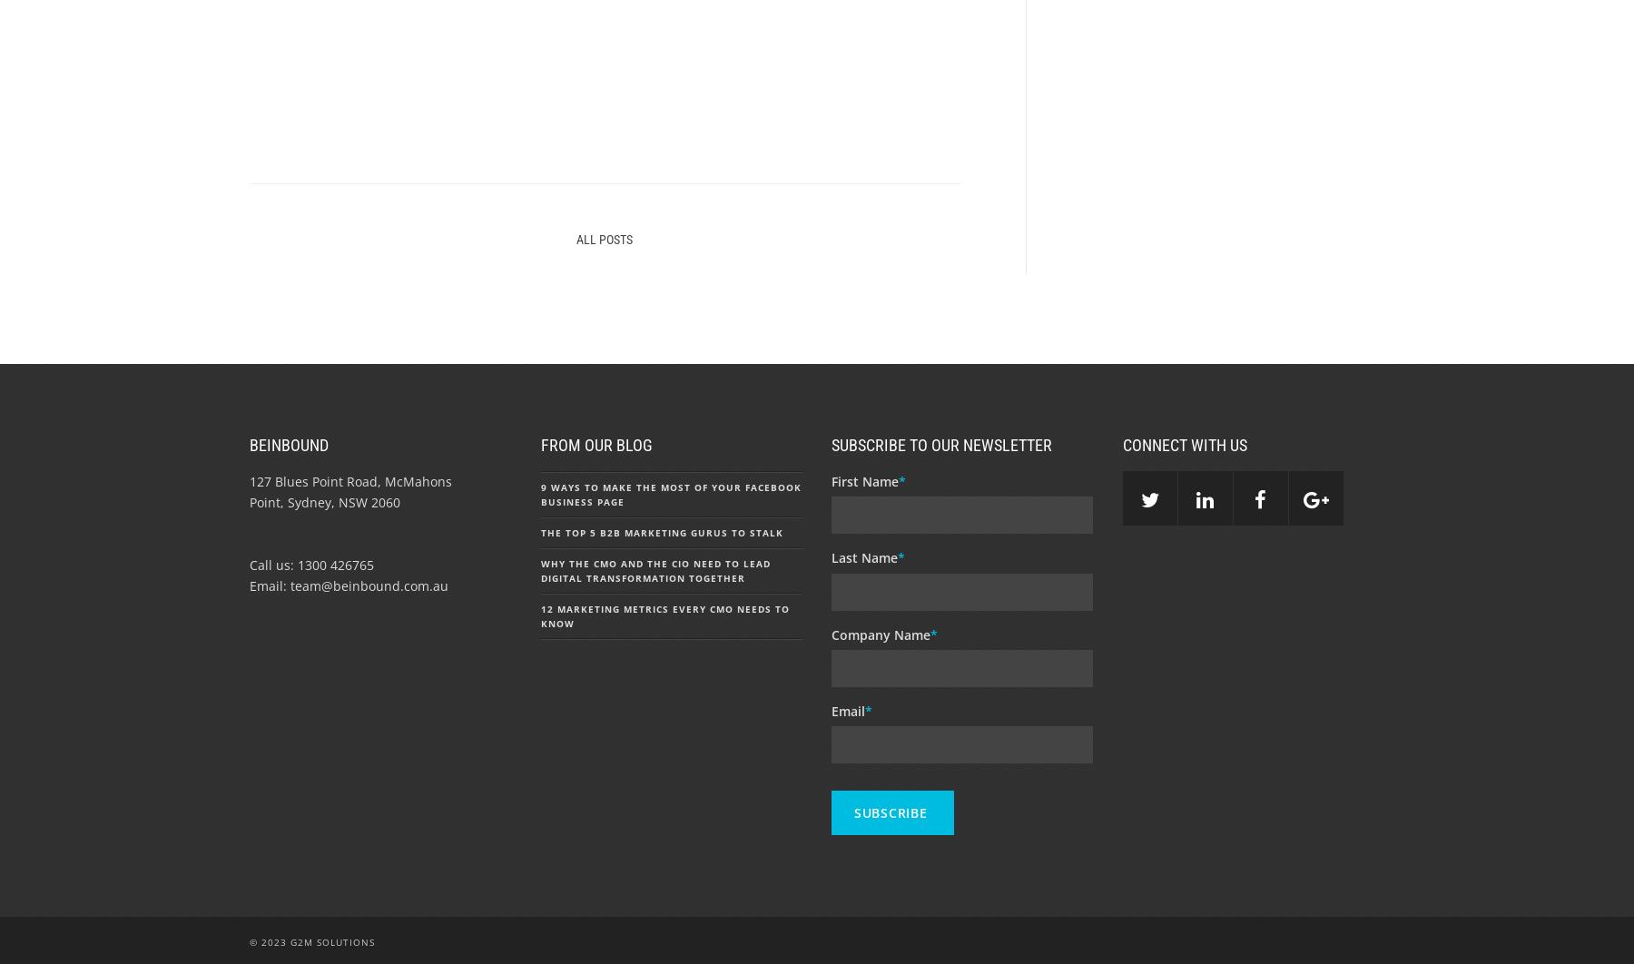  What do you see at coordinates (605, 238) in the screenshot?
I see `'All Posts'` at bounding box center [605, 238].